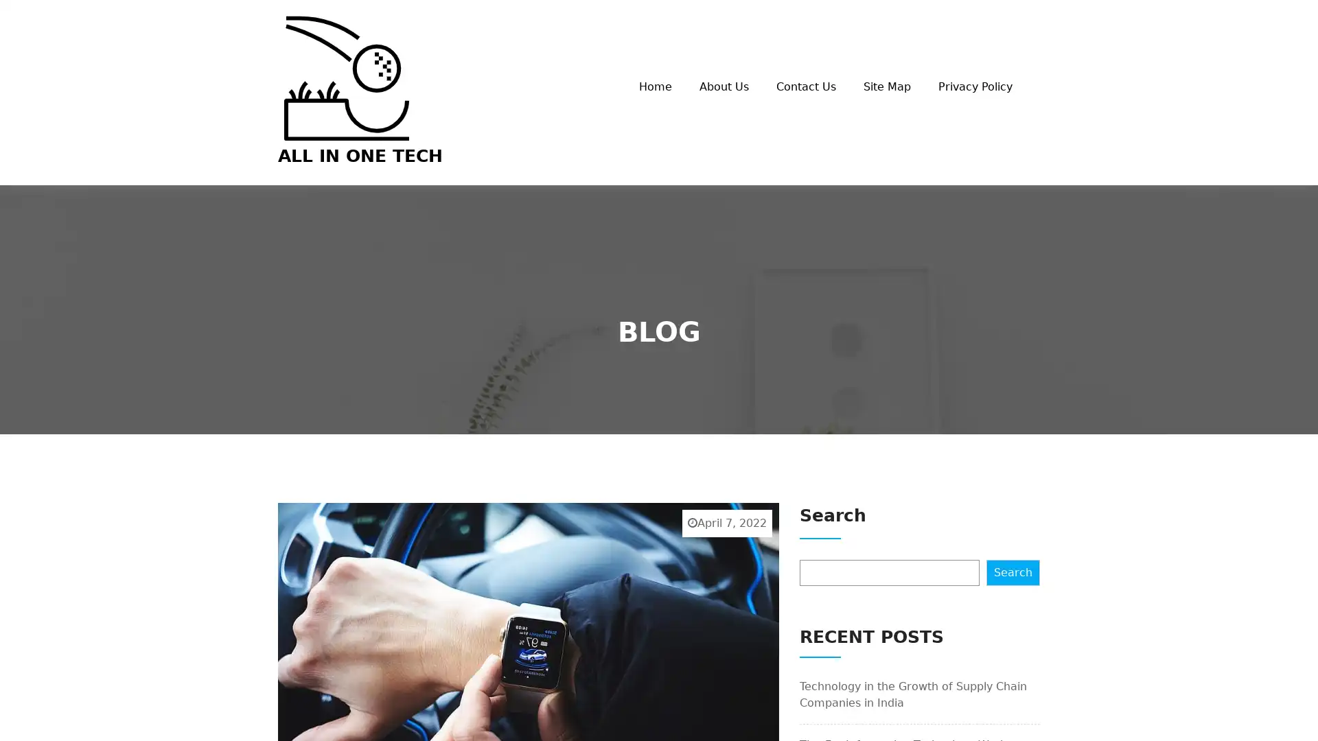 The image size is (1318, 741). Describe the element at coordinates (1013, 572) in the screenshot. I see `Search` at that location.